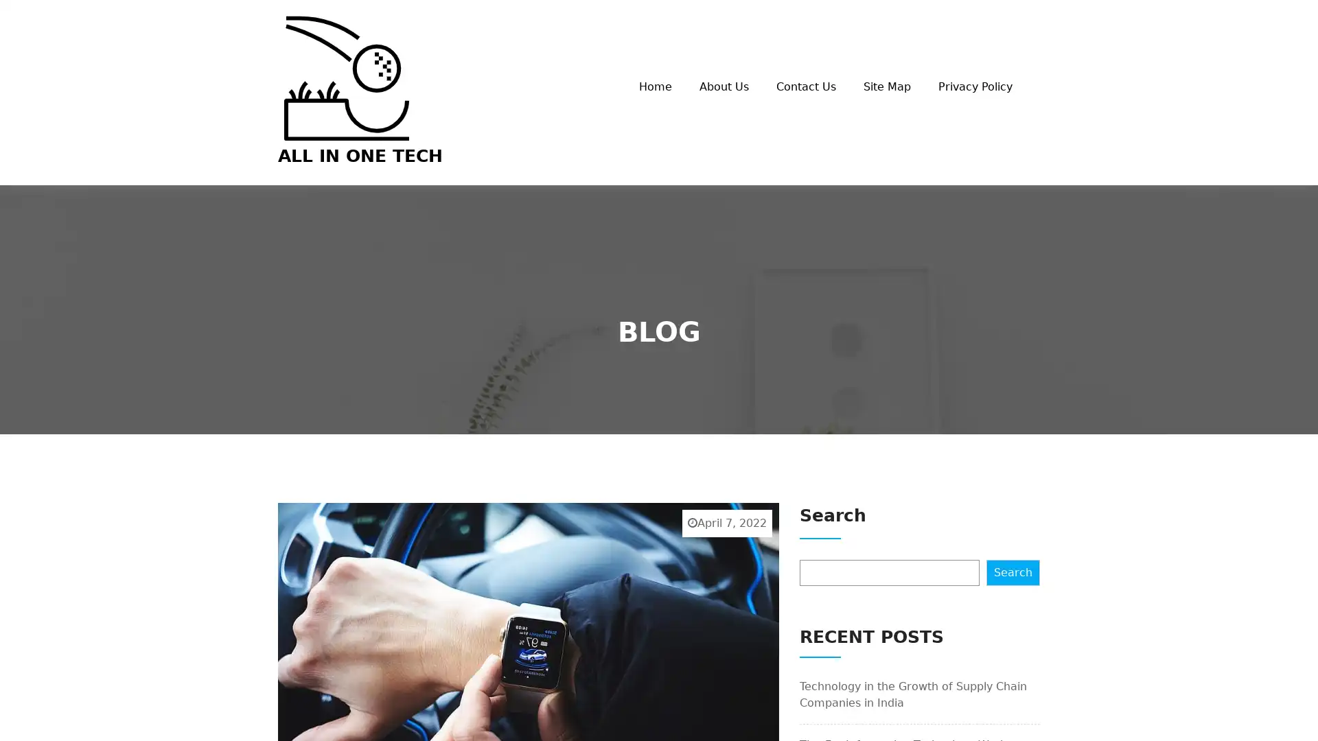 The image size is (1318, 741). Describe the element at coordinates (1013, 572) in the screenshot. I see `Search` at that location.